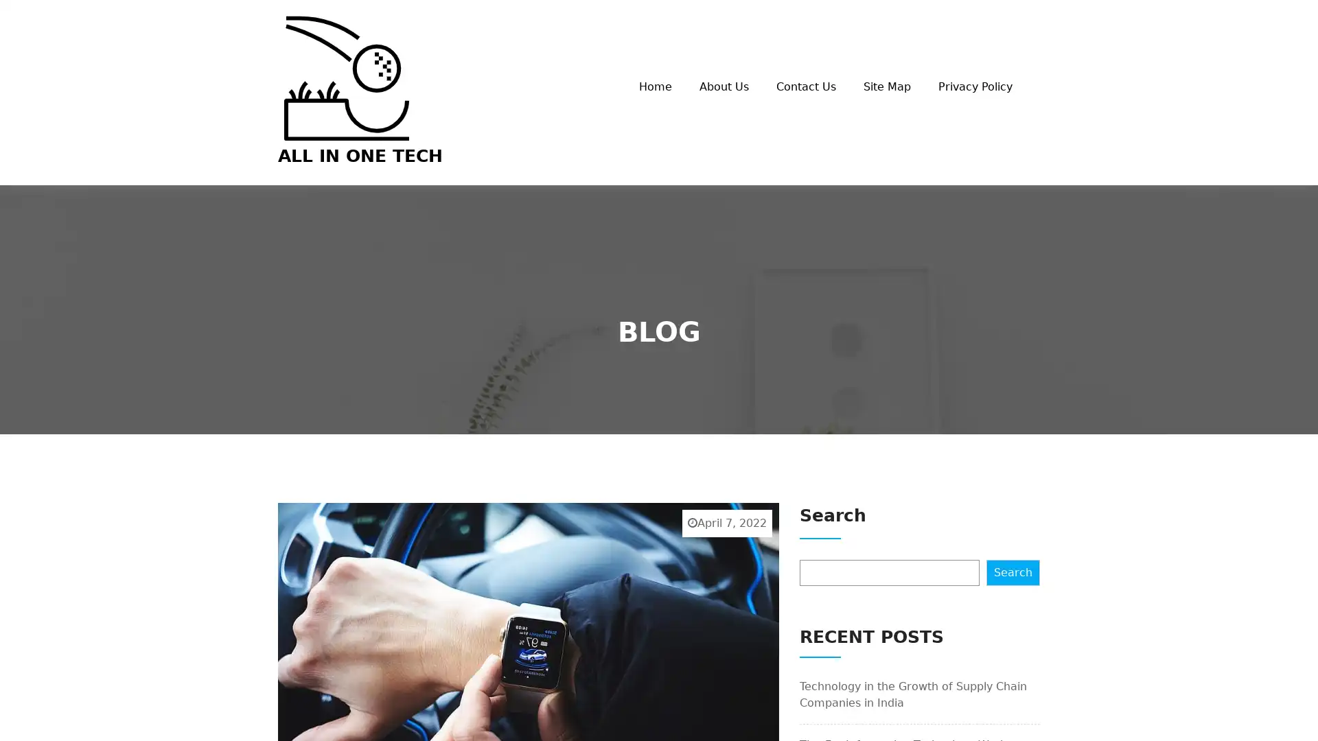 The image size is (1318, 741). Describe the element at coordinates (1013, 572) in the screenshot. I see `Search` at that location.